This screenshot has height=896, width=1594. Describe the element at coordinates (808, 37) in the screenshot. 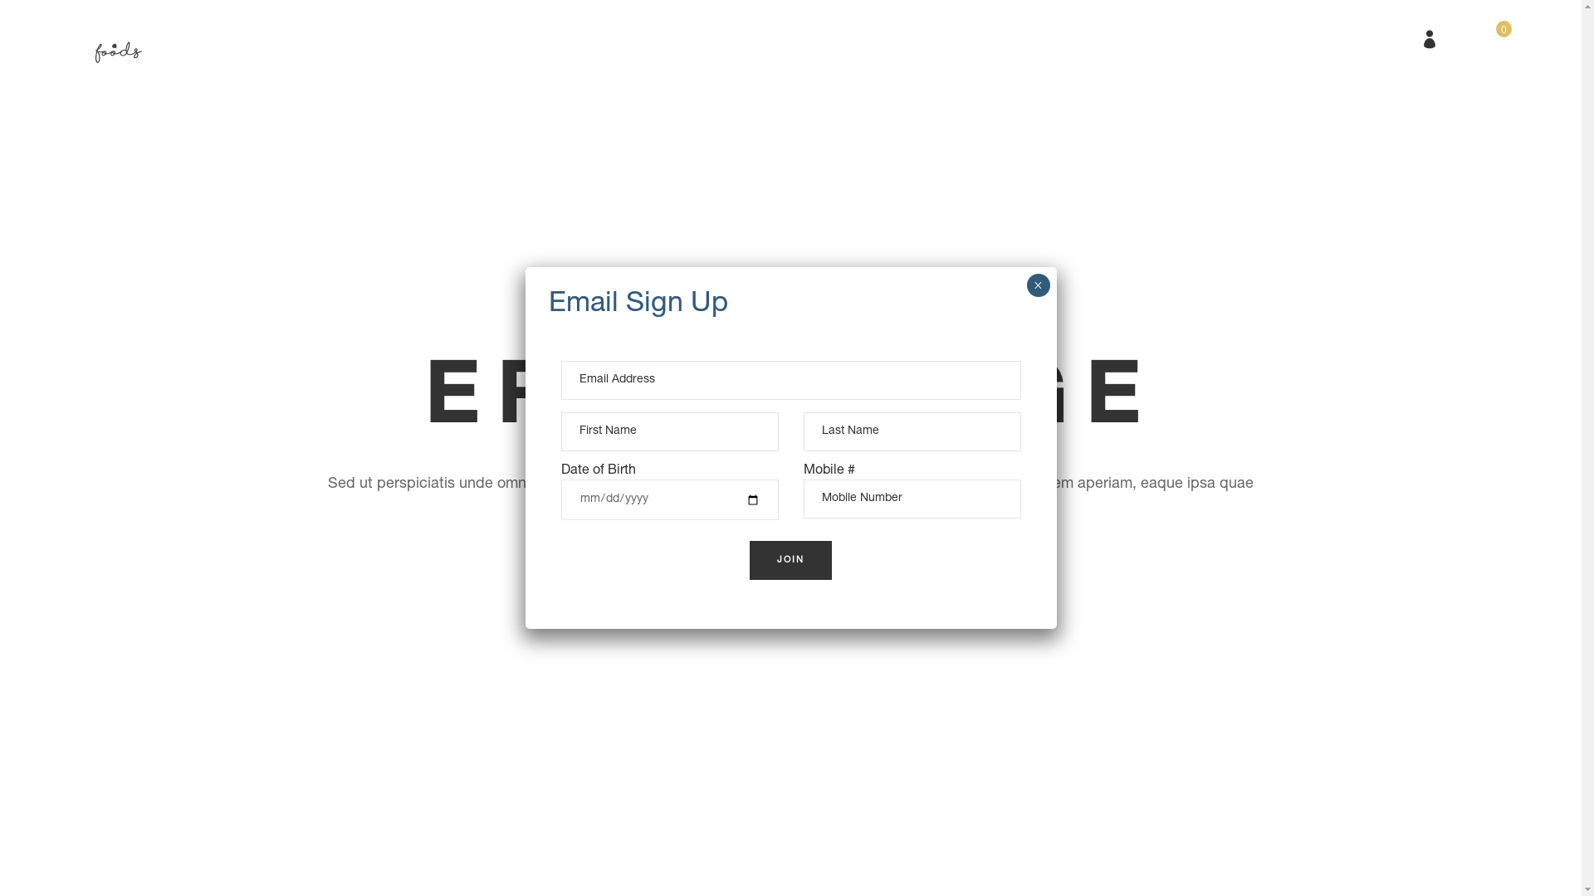

I see `'SHOP'` at that location.